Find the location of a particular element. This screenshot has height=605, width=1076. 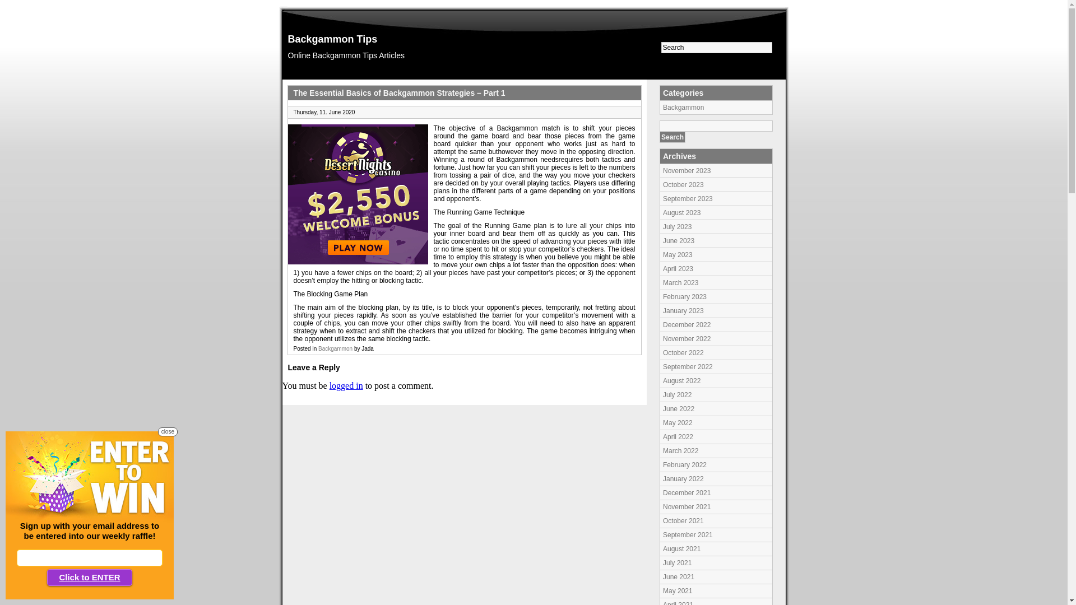

'July 2021' is located at coordinates (676, 563).